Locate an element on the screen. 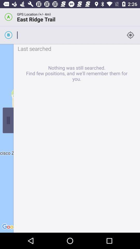 This screenshot has width=140, height=249. the icon beside b is located at coordinates (131, 35).